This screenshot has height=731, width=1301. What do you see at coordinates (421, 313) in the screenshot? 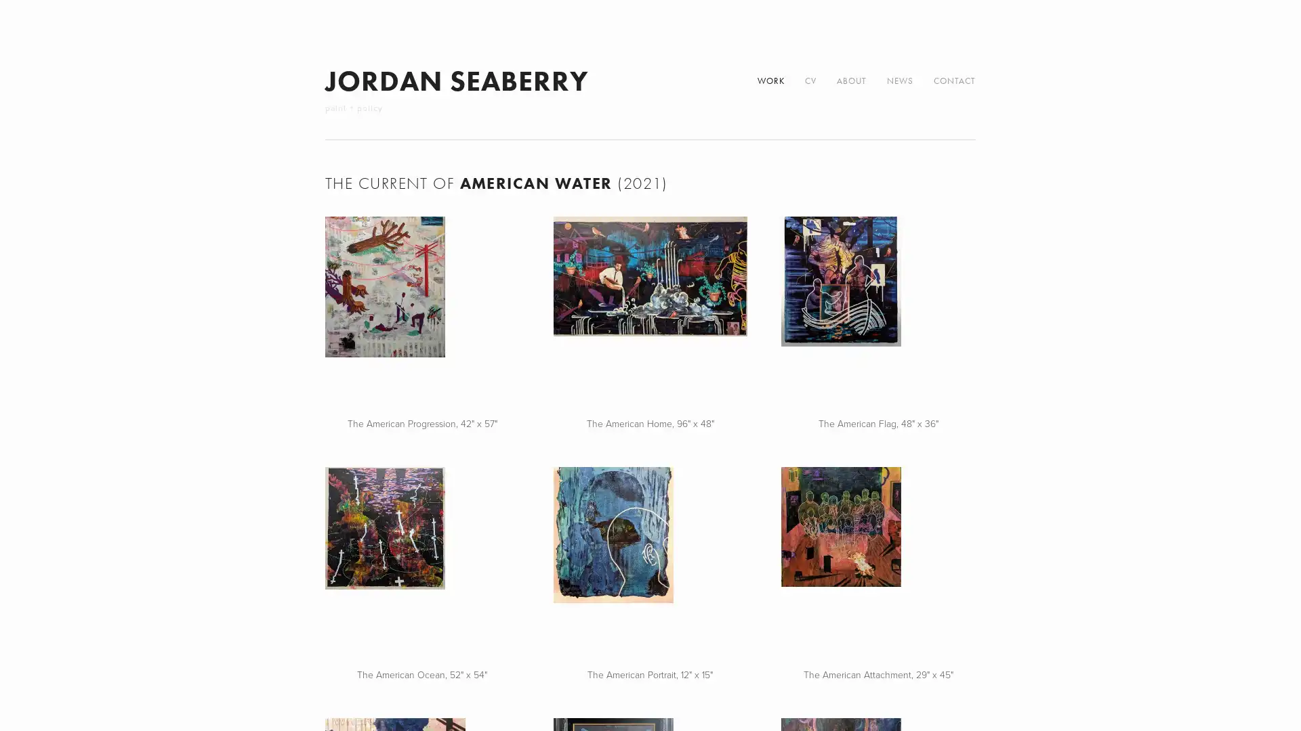
I see `View fullsize The American Progression, 42" x 57"` at bounding box center [421, 313].